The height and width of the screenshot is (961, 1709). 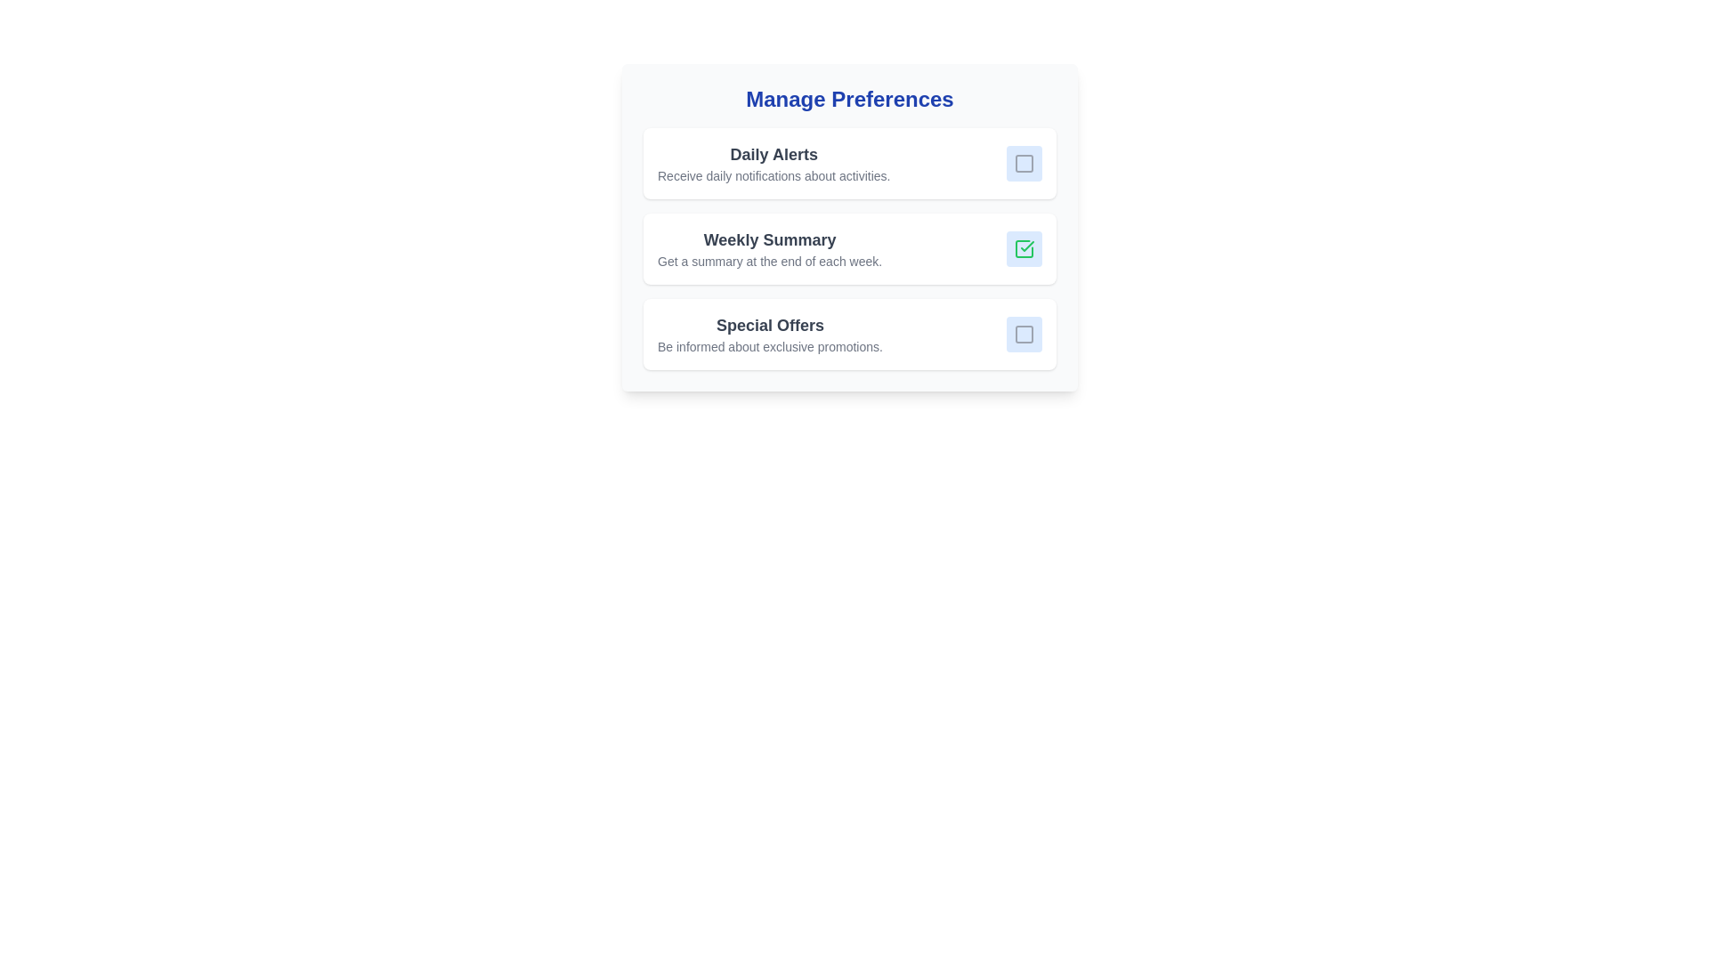 I want to click on the 'Weekly Summary' text label, which serves as the title of a user preference setting for receiving weekly summaries, so click(x=770, y=240).